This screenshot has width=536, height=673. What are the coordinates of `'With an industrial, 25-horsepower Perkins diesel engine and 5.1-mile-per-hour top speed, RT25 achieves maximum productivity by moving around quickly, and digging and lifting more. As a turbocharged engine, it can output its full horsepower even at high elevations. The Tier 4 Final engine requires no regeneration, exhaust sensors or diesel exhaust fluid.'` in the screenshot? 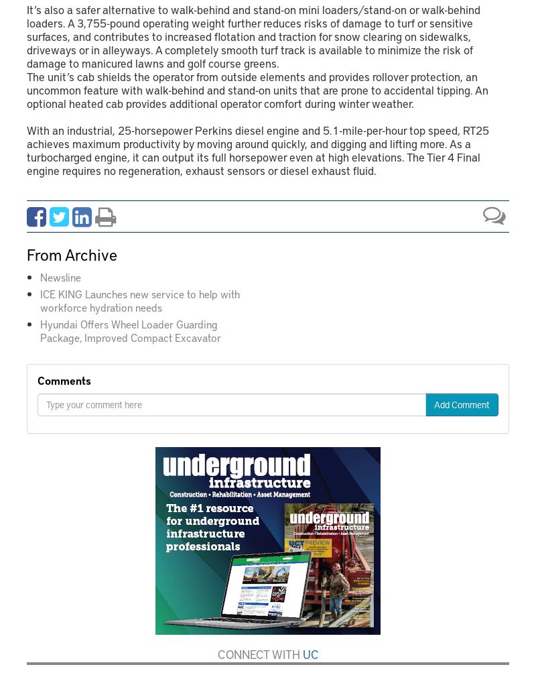 It's located at (257, 149).